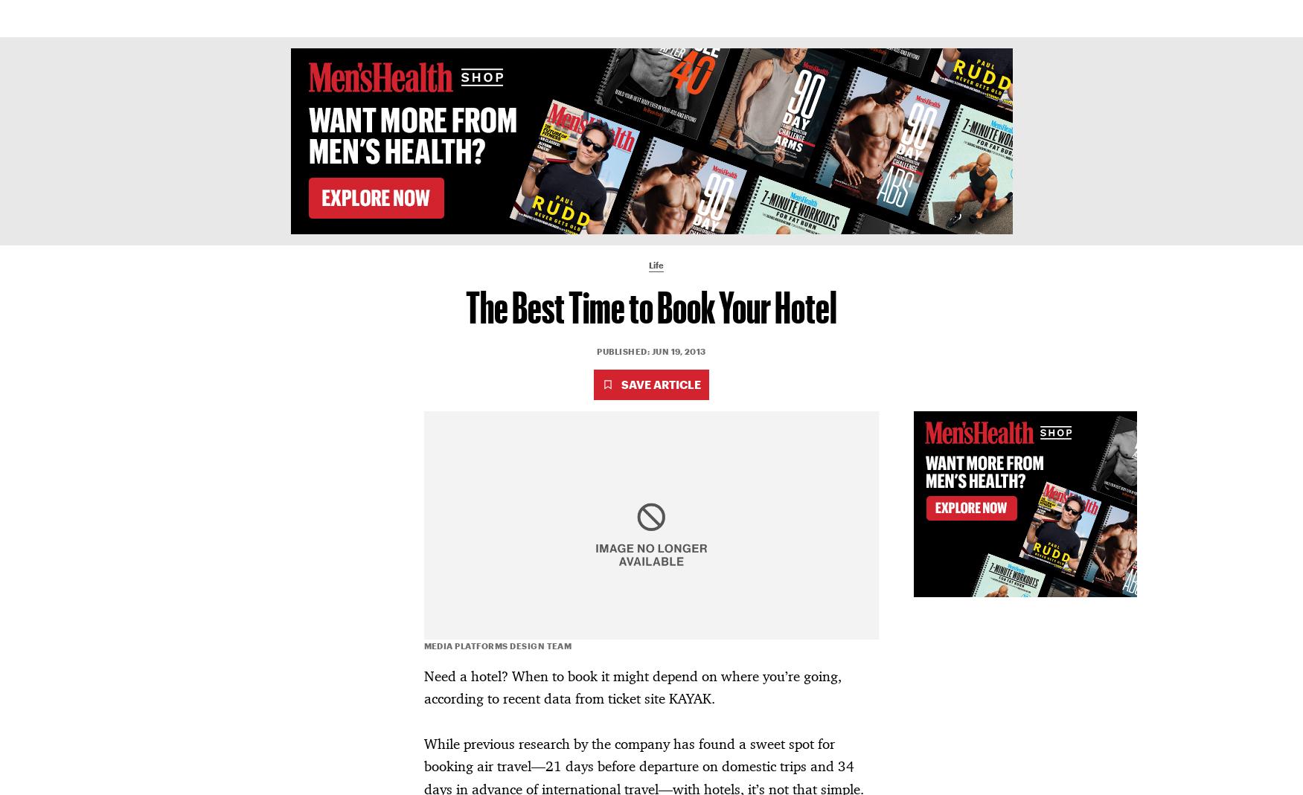  Describe the element at coordinates (289, 656) in the screenshot. I see `'Were You Influenced By These Viral Products?'` at that location.